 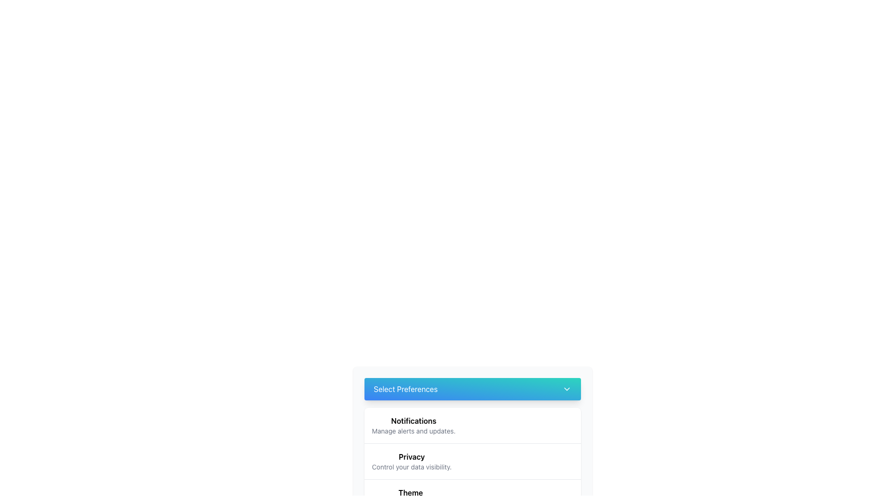 What do you see at coordinates (472, 389) in the screenshot?
I see `the Dropdown Button labeled 'Select Preferences' with a gradient background transitioning from blue to teal, located at the top of the preference options card` at bounding box center [472, 389].